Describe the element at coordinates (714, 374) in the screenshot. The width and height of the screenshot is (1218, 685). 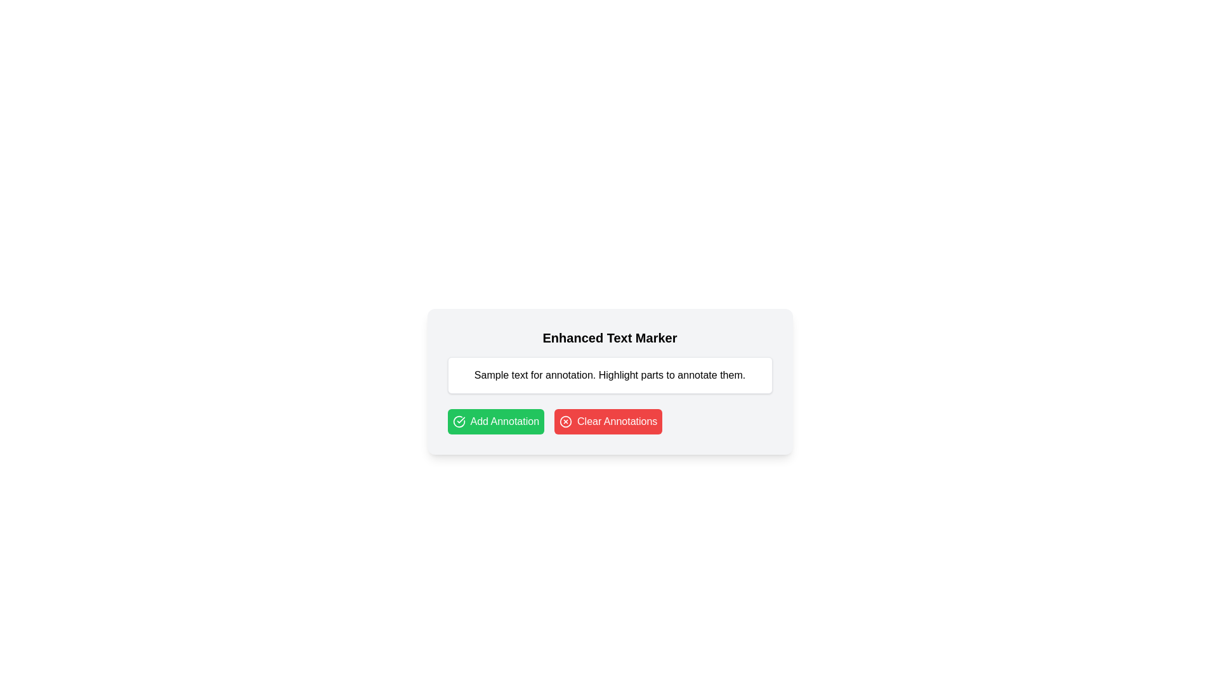
I see `the lowercase letter 'e' in the word 'annotate' which is part of the sentence displayed below the title 'Enhanced Text Marker.'` at that location.